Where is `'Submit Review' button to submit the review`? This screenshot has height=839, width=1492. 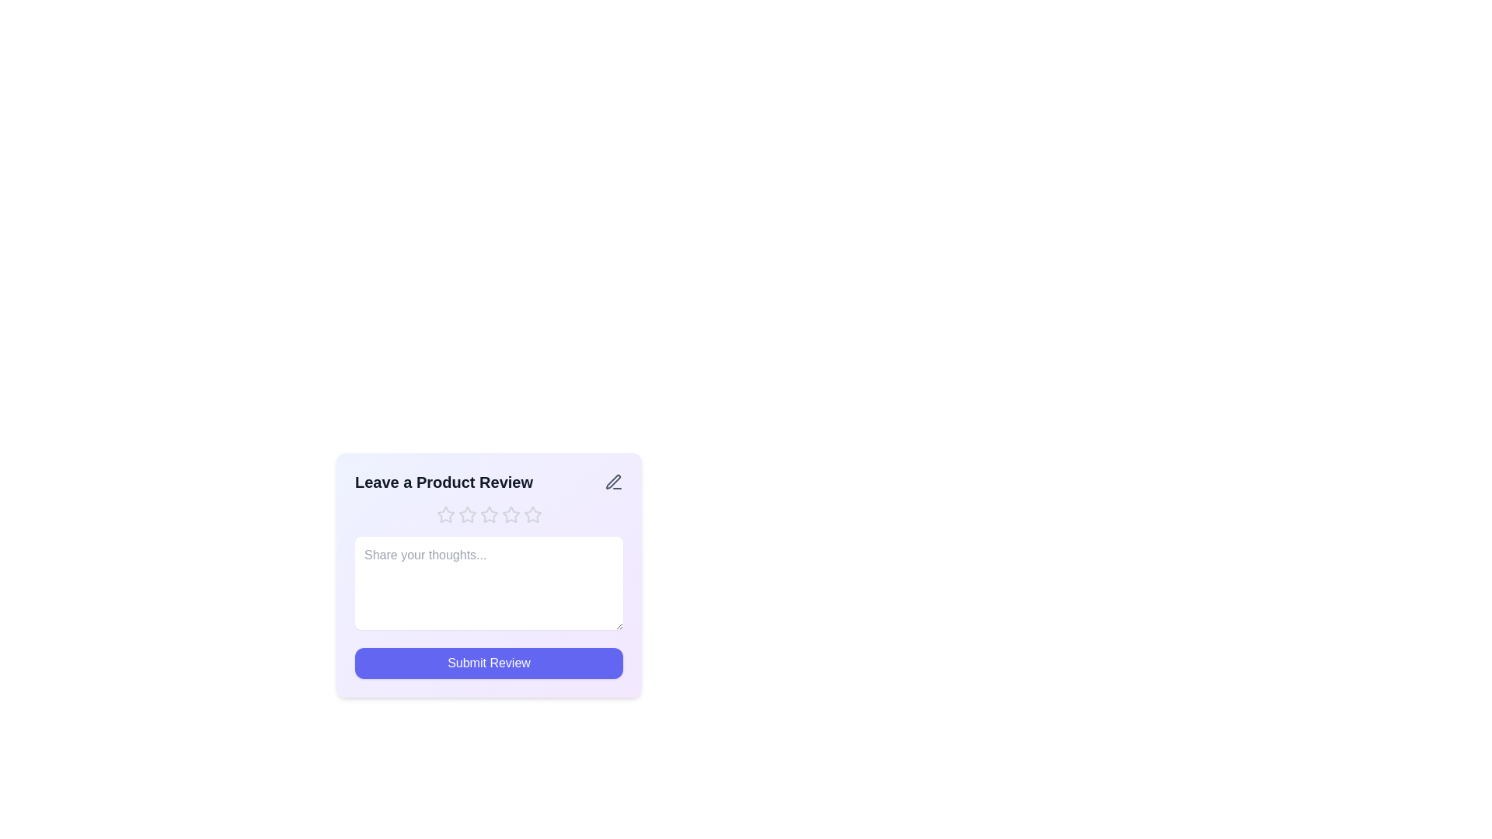
'Submit Review' button to submit the review is located at coordinates (488, 663).